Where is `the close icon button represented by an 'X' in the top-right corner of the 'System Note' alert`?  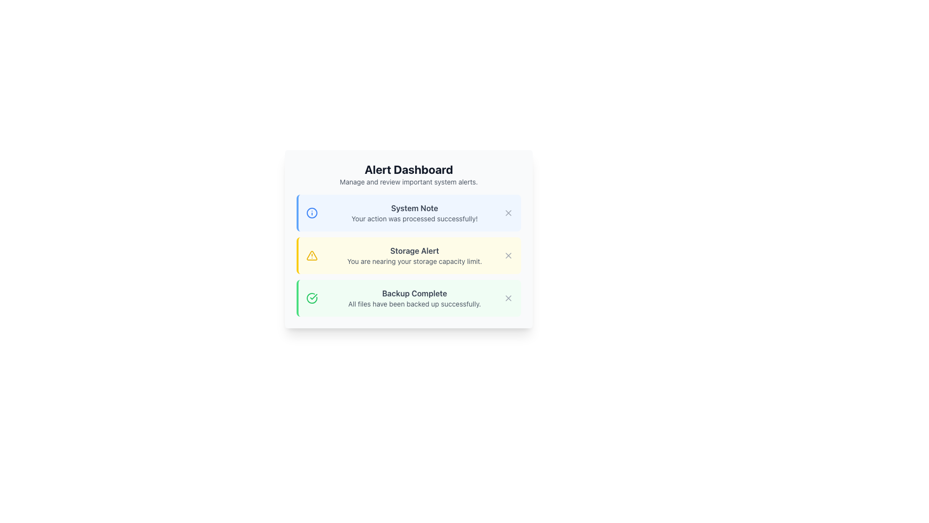 the close icon button represented by an 'X' in the top-right corner of the 'System Note' alert is located at coordinates (508, 212).